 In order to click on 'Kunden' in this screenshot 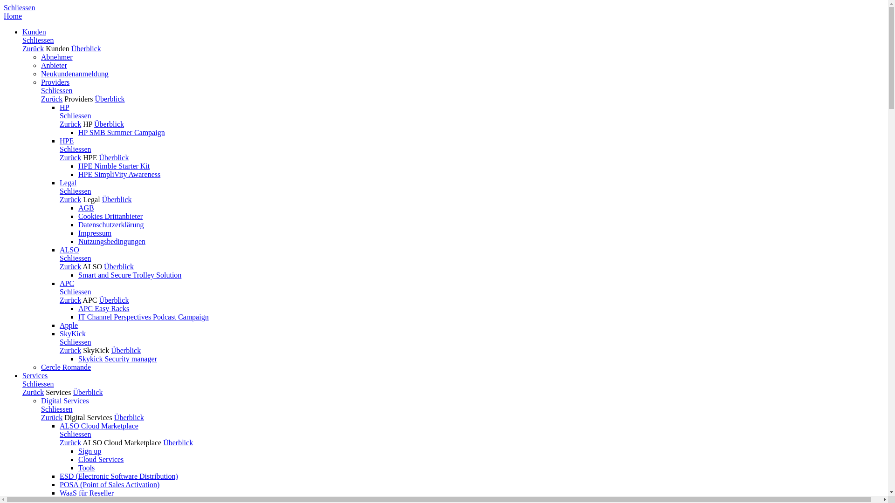, I will do `click(57, 48)`.